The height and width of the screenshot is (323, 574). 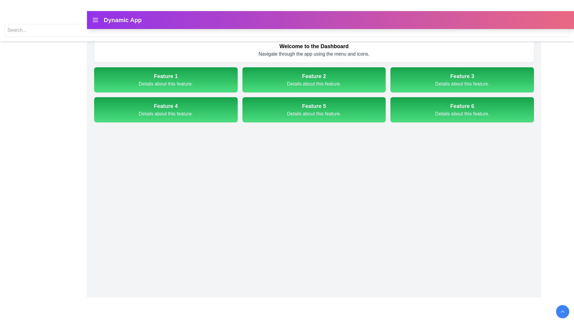 I want to click on text content of the element displaying 'Navigate through the app using the menu and icons.', which is styled in subdued grey and positioned below the heading 'Welcome to the Dashboard', so click(x=314, y=54).